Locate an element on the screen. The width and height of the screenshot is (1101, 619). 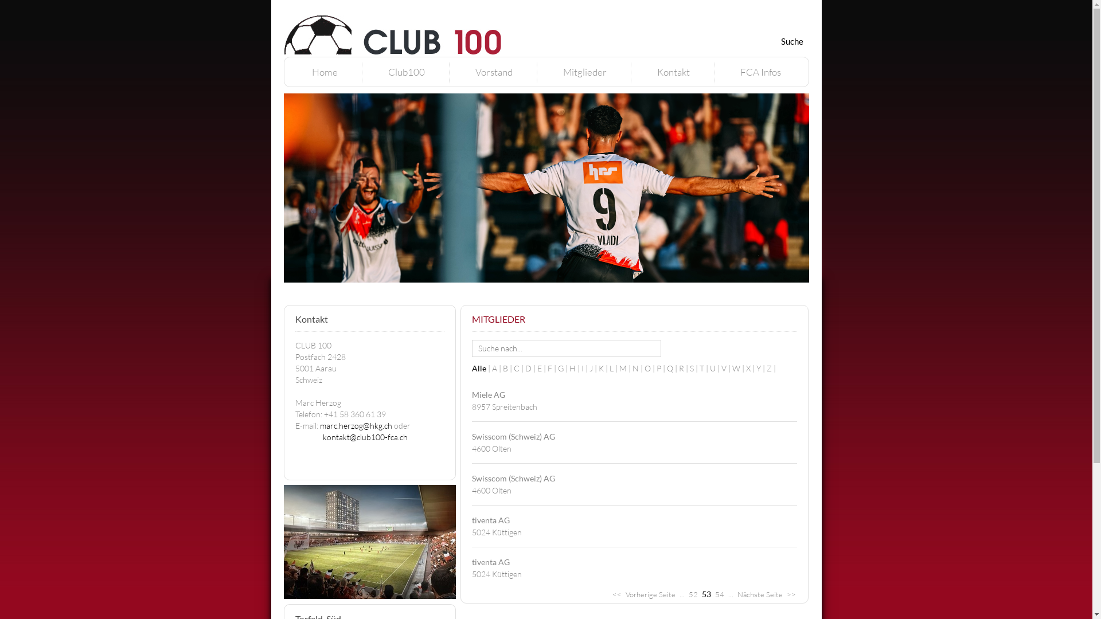
'Suche' is located at coordinates (791, 41).